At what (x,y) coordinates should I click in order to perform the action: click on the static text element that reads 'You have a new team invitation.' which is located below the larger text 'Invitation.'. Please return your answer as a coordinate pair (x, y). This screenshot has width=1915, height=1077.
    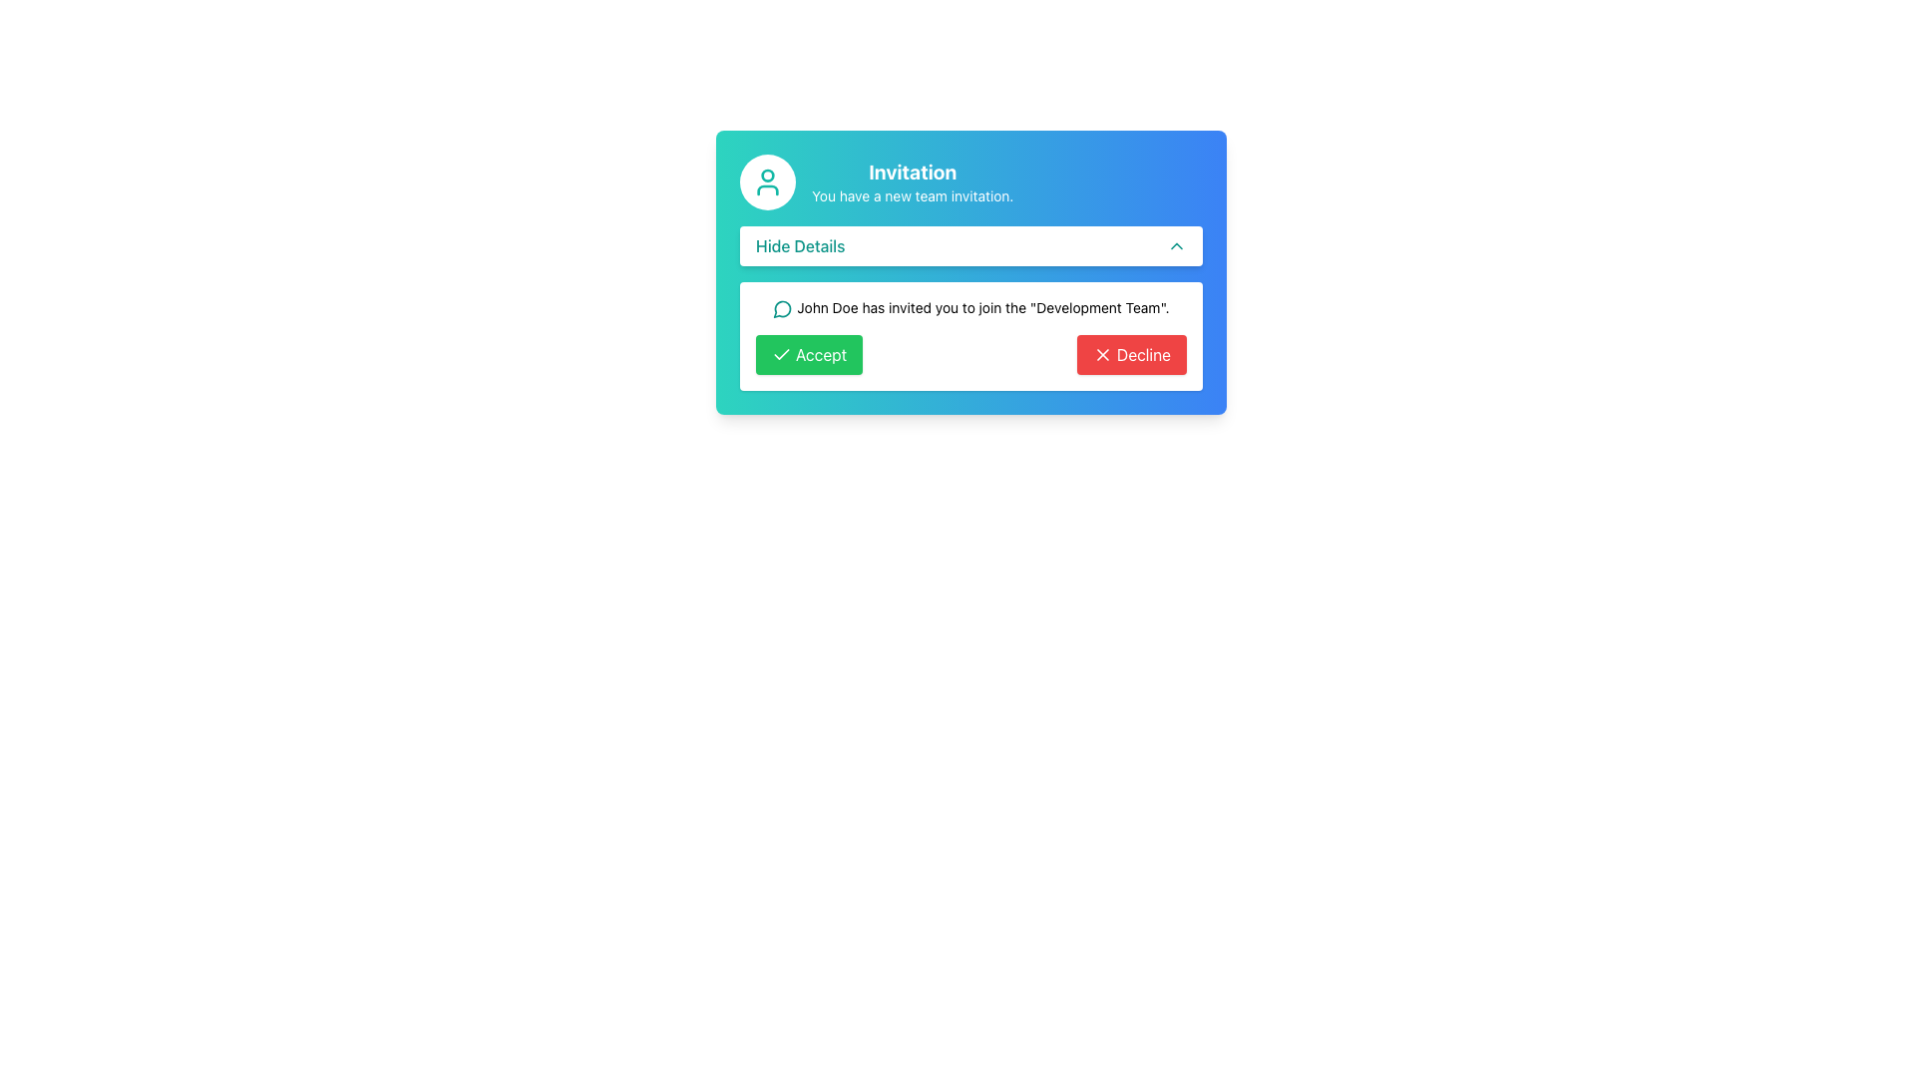
    Looking at the image, I should click on (912, 195).